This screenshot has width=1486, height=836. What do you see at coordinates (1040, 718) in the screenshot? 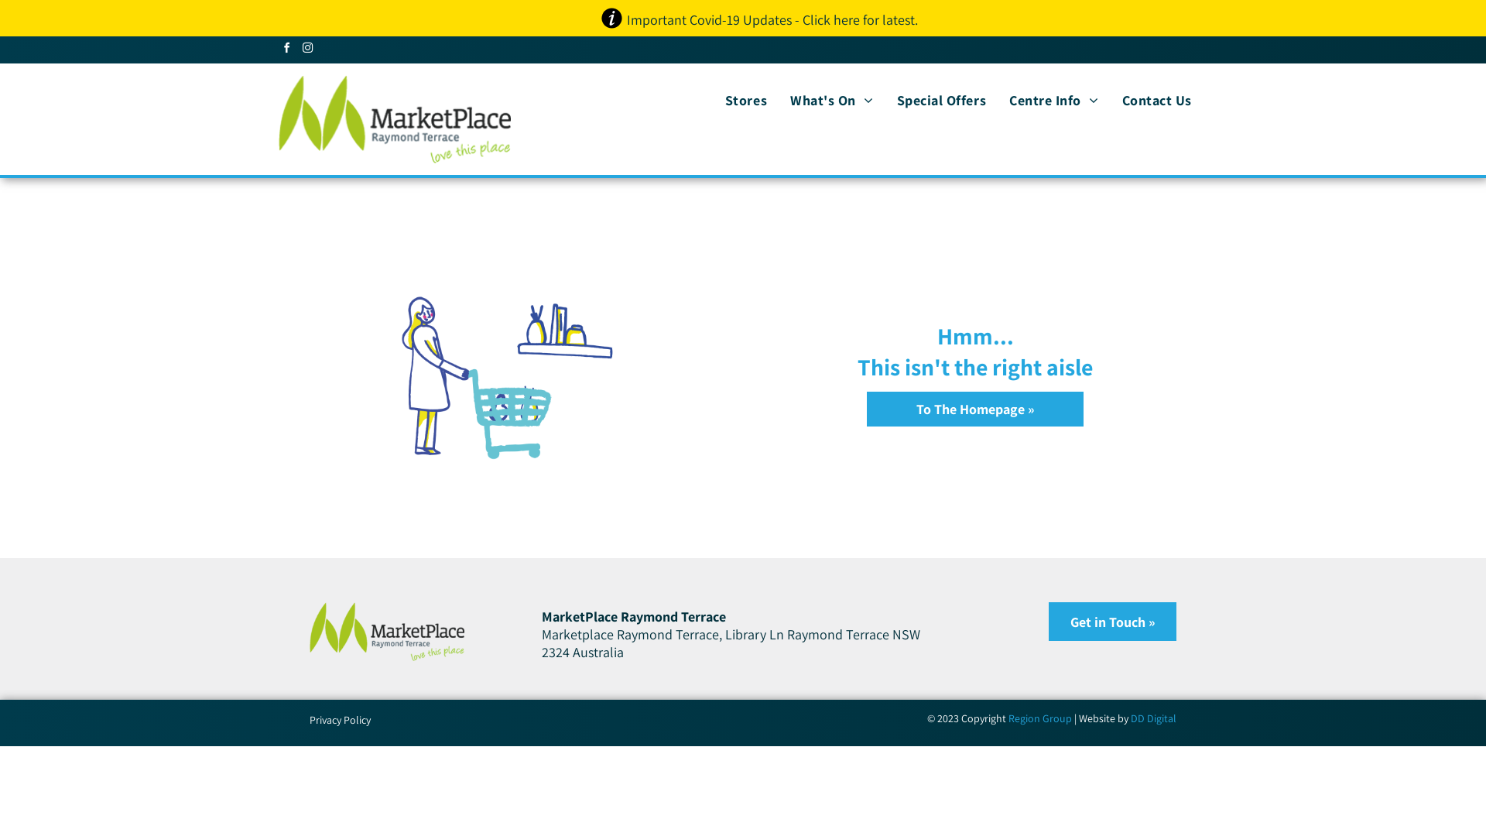
I see `'Region Group'` at bounding box center [1040, 718].